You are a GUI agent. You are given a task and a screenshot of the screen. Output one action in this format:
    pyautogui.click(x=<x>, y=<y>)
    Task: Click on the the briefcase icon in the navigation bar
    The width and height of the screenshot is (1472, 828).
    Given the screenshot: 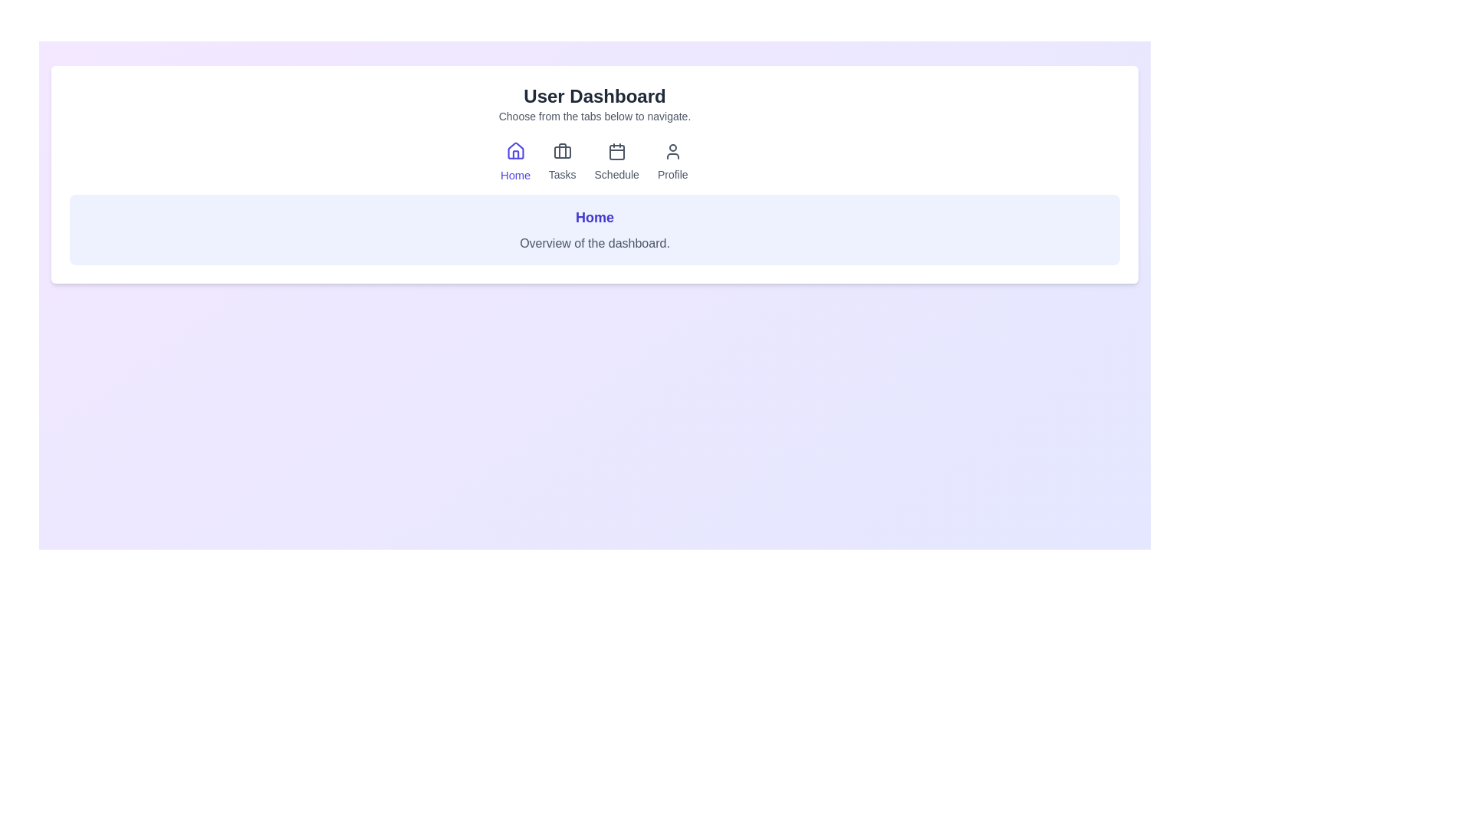 What is the action you would take?
    pyautogui.click(x=561, y=151)
    